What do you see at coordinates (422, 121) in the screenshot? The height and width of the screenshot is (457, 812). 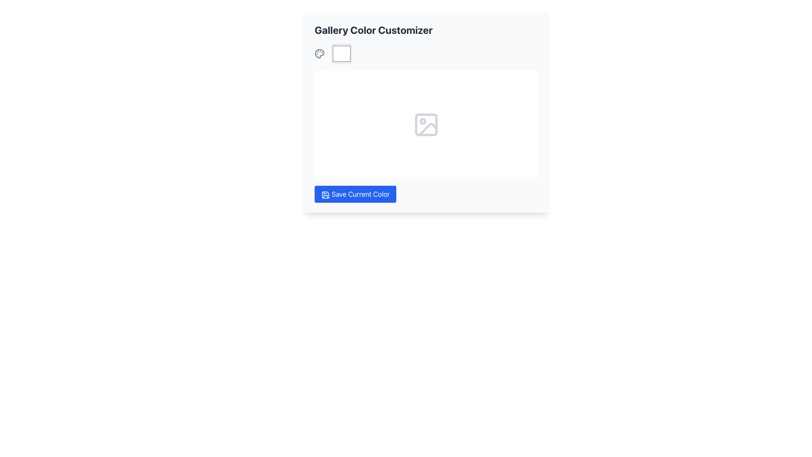 I see `the small circle located within the SVG graphic in the 'Gallery Color Customizer' panel, positioned near the top-left of the inner rectangular shape` at bounding box center [422, 121].